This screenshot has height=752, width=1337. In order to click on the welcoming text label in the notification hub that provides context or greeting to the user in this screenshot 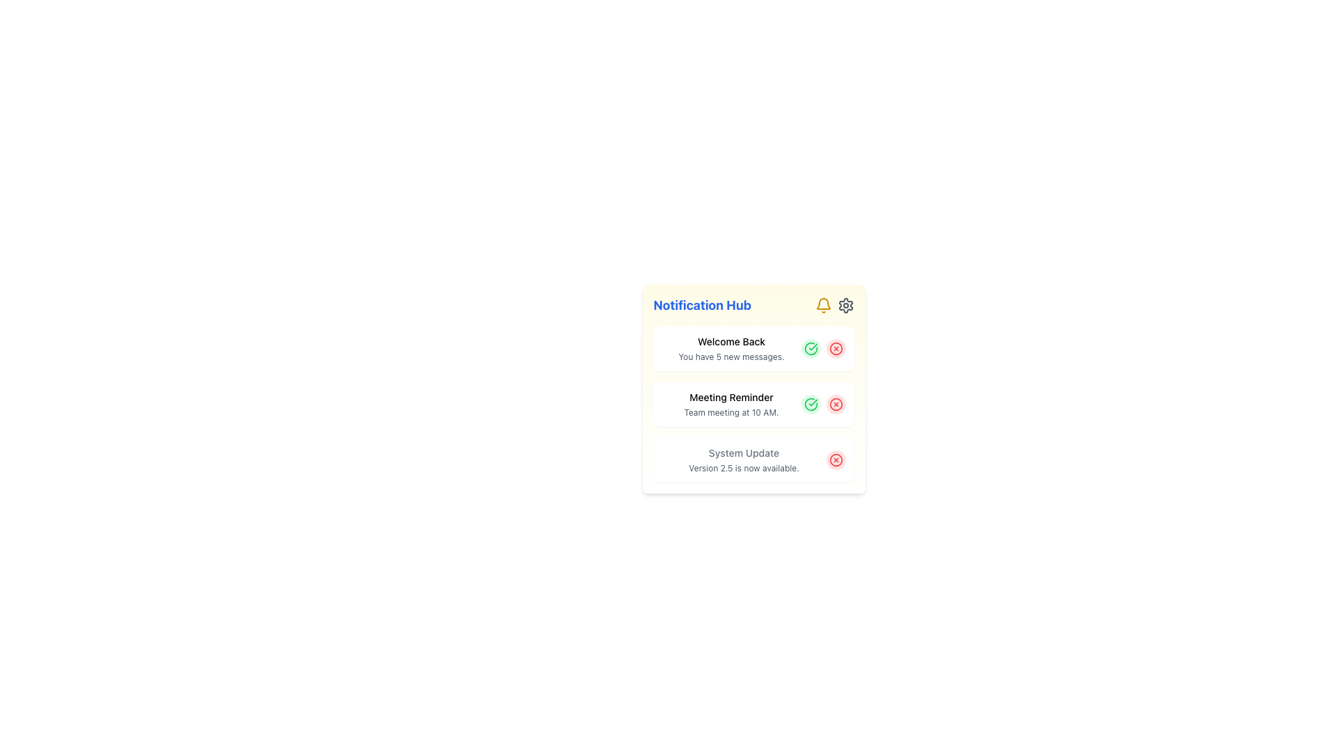, I will do `click(730, 341)`.